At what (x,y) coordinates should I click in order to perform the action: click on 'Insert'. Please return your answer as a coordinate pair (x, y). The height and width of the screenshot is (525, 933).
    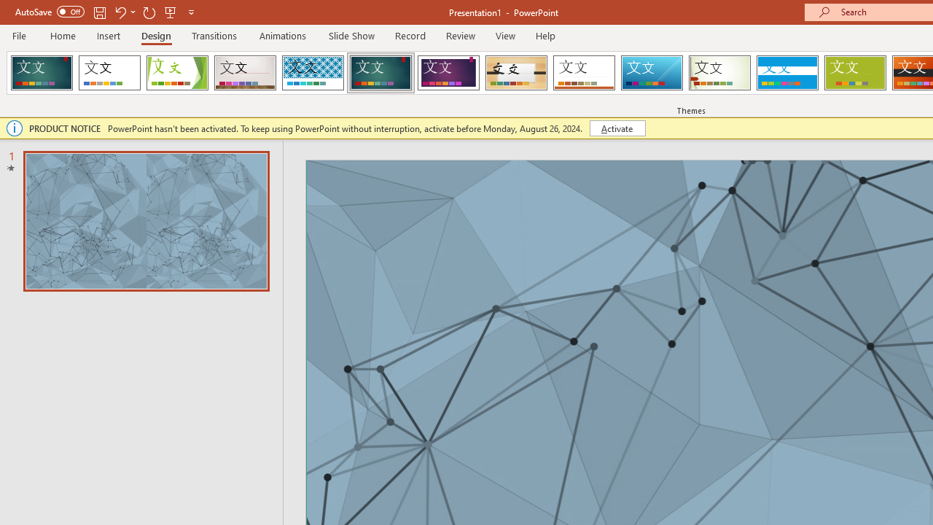
    Looking at the image, I should click on (108, 35).